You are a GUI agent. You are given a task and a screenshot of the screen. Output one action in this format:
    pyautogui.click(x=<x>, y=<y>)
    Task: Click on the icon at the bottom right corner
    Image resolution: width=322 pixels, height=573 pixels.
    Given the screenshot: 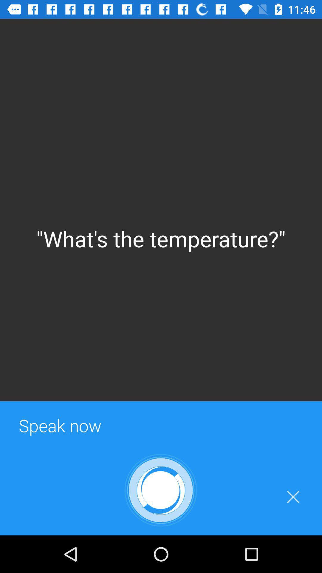 What is the action you would take?
    pyautogui.click(x=292, y=497)
    